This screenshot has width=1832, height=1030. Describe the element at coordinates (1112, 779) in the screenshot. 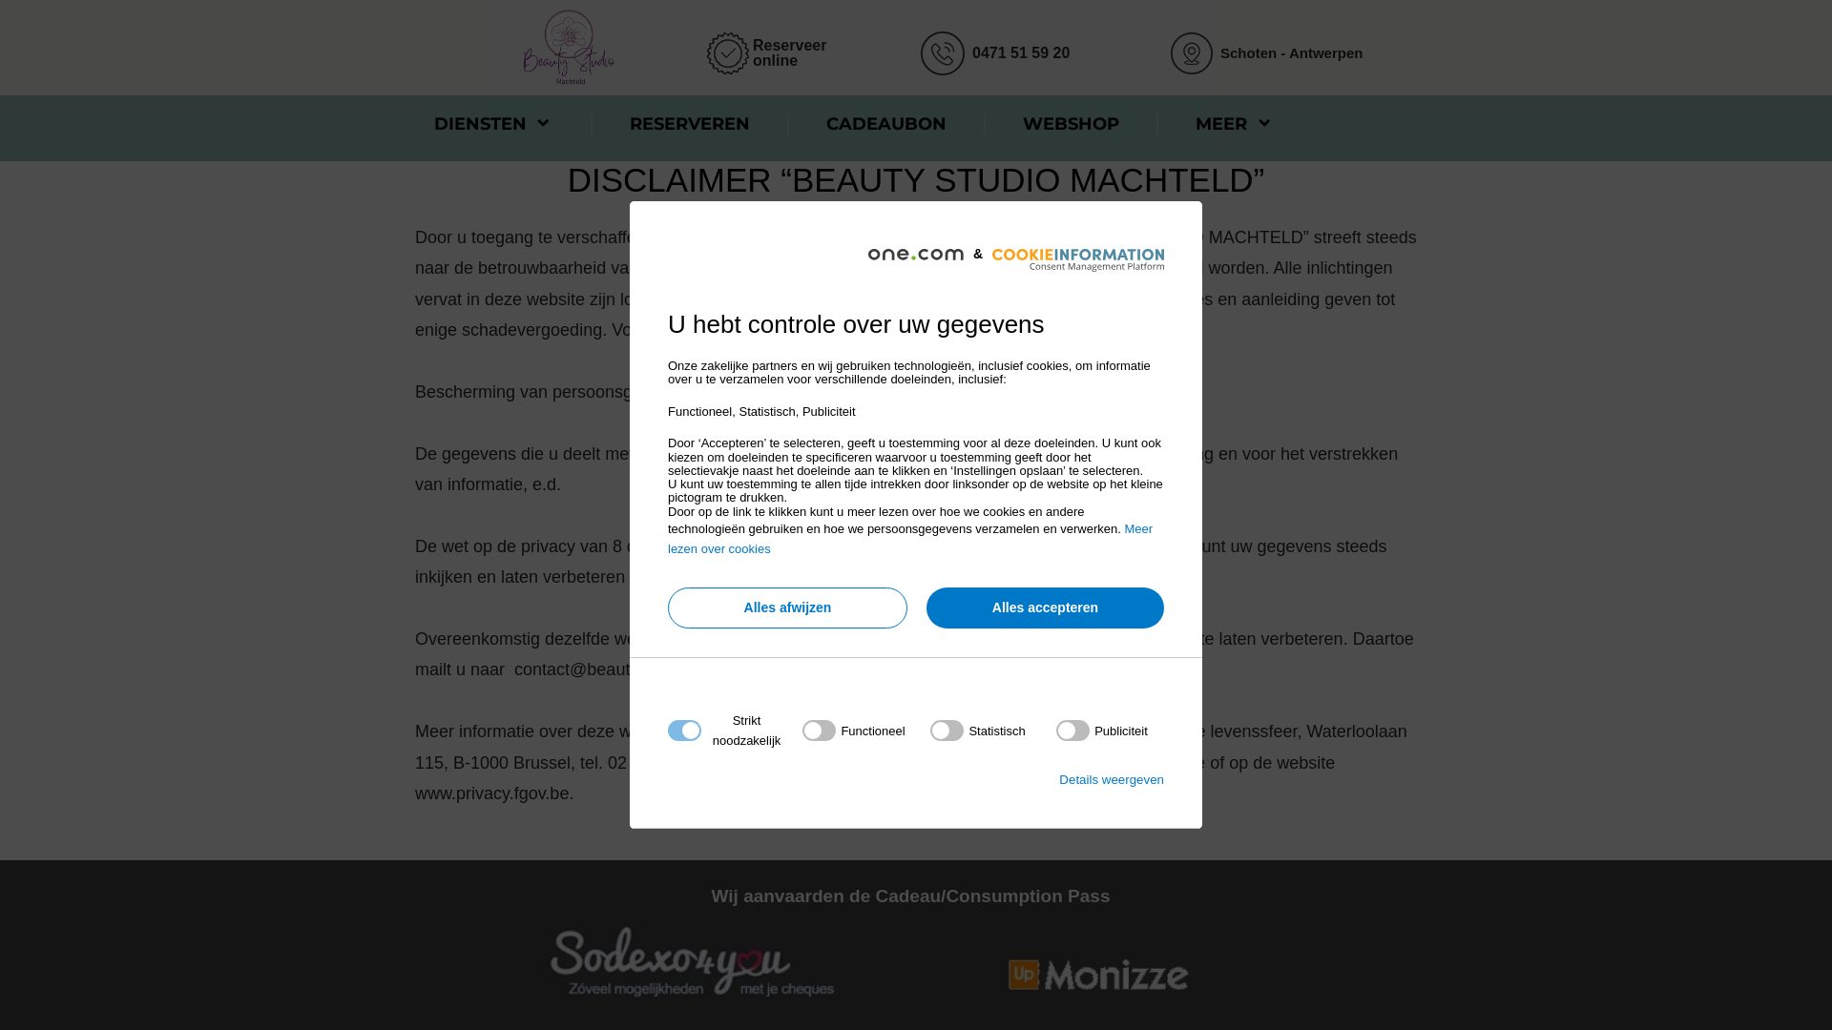

I see `'Details weergeven'` at that location.